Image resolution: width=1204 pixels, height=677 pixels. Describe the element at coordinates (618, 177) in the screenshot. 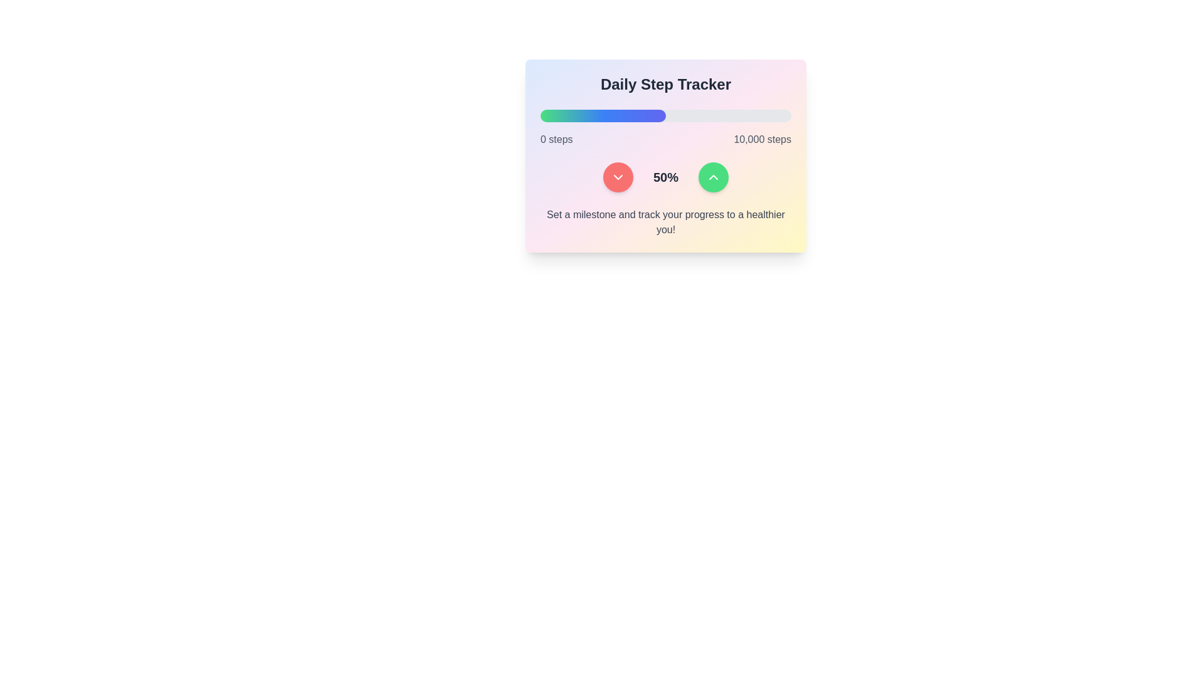

I see `the red circular chevron icon located just below the progress bar in the 'Daily Step Tracker' component` at that location.